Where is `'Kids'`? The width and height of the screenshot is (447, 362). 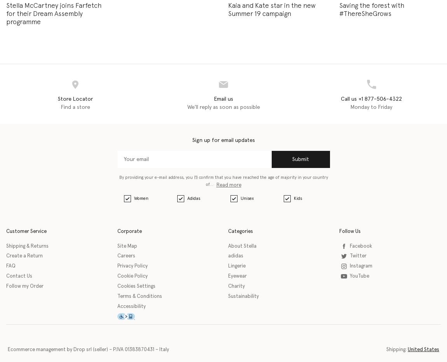
'Kids' is located at coordinates (297, 198).